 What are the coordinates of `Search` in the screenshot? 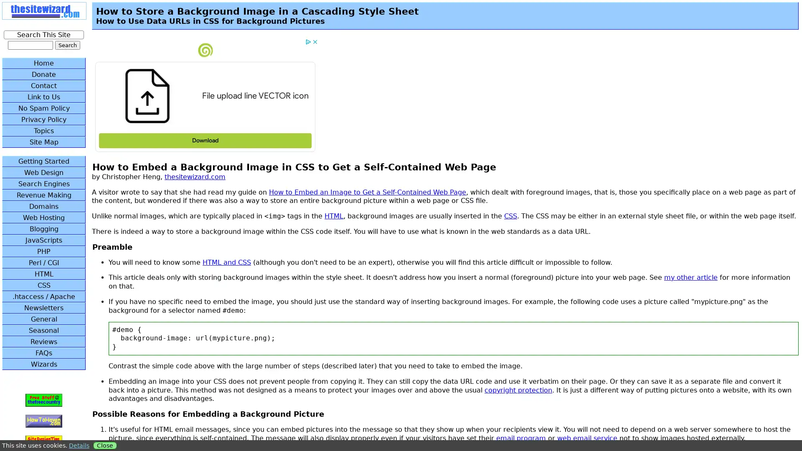 It's located at (67, 45).